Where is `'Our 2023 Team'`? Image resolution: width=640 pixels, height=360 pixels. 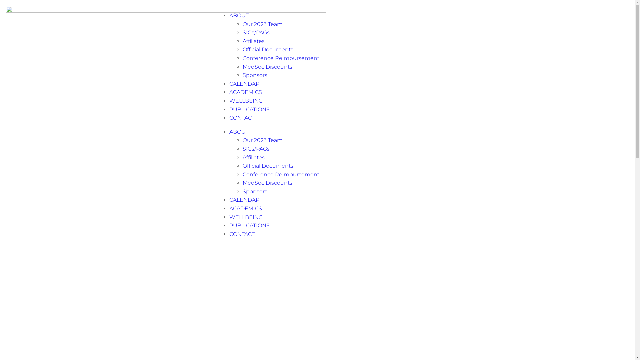
'Our 2023 Team' is located at coordinates (242, 24).